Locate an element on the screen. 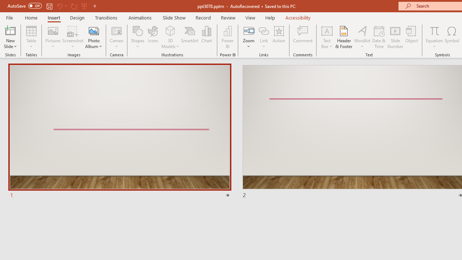 The height and width of the screenshot is (260, 462). 'Photo Album...' is located at coordinates (93, 37).